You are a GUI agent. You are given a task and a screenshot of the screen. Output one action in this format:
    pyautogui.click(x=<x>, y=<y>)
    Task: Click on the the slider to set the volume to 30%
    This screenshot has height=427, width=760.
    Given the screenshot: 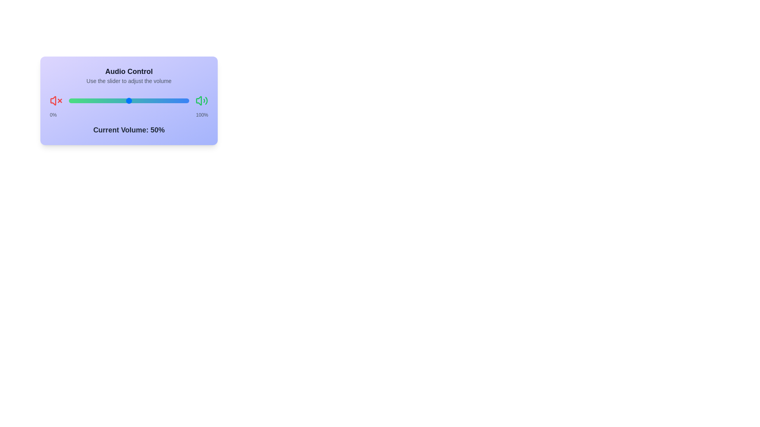 What is the action you would take?
    pyautogui.click(x=68, y=100)
    